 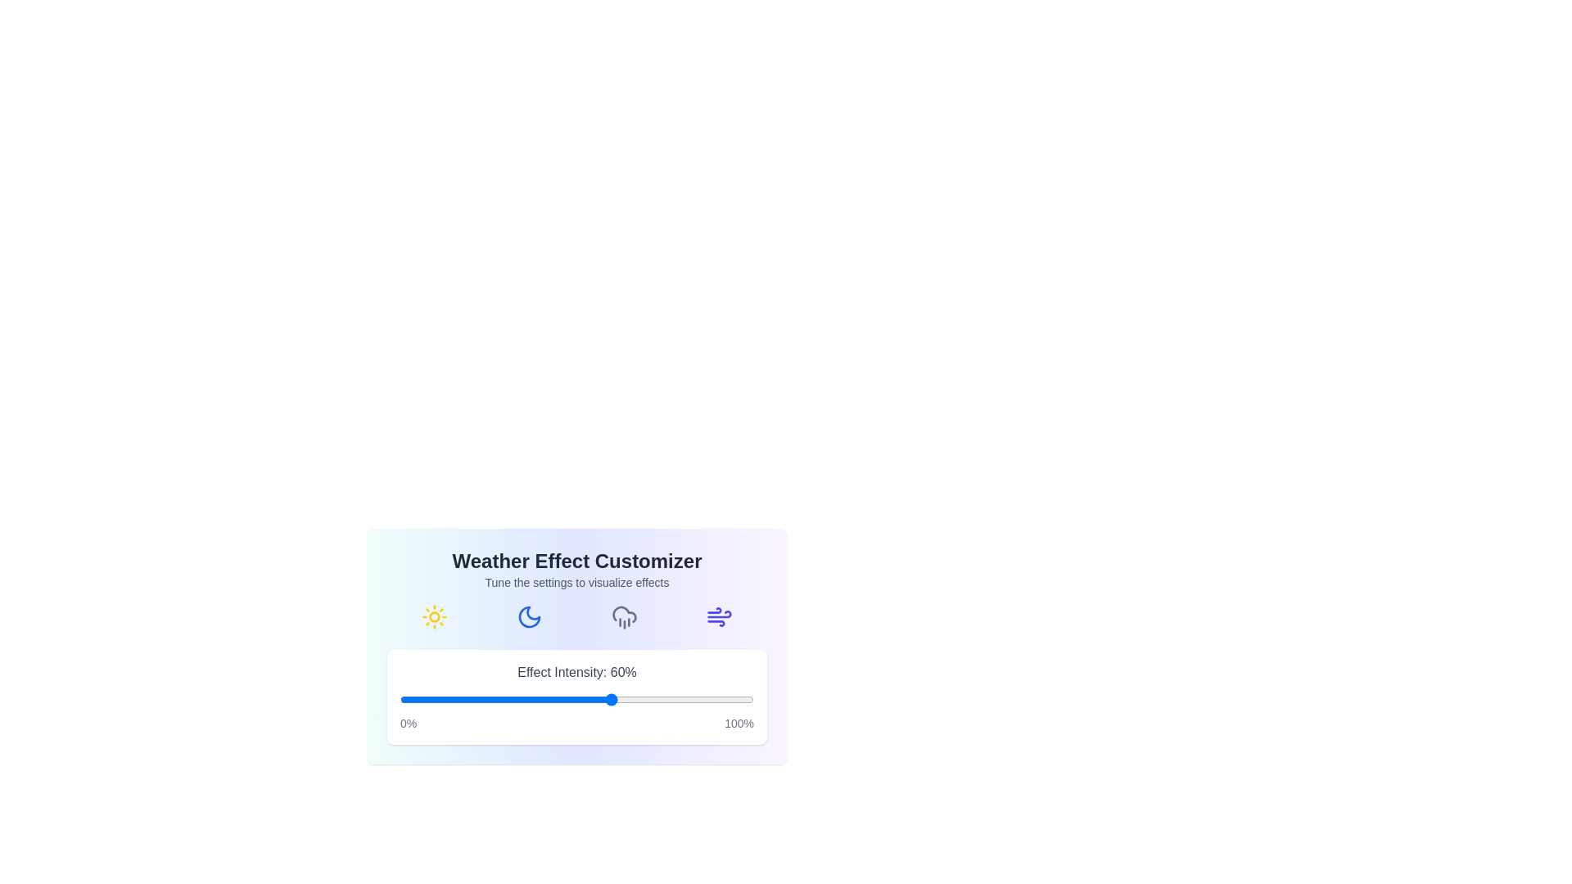 I want to click on the gray cloud with rain icon button, so click(x=624, y=616).